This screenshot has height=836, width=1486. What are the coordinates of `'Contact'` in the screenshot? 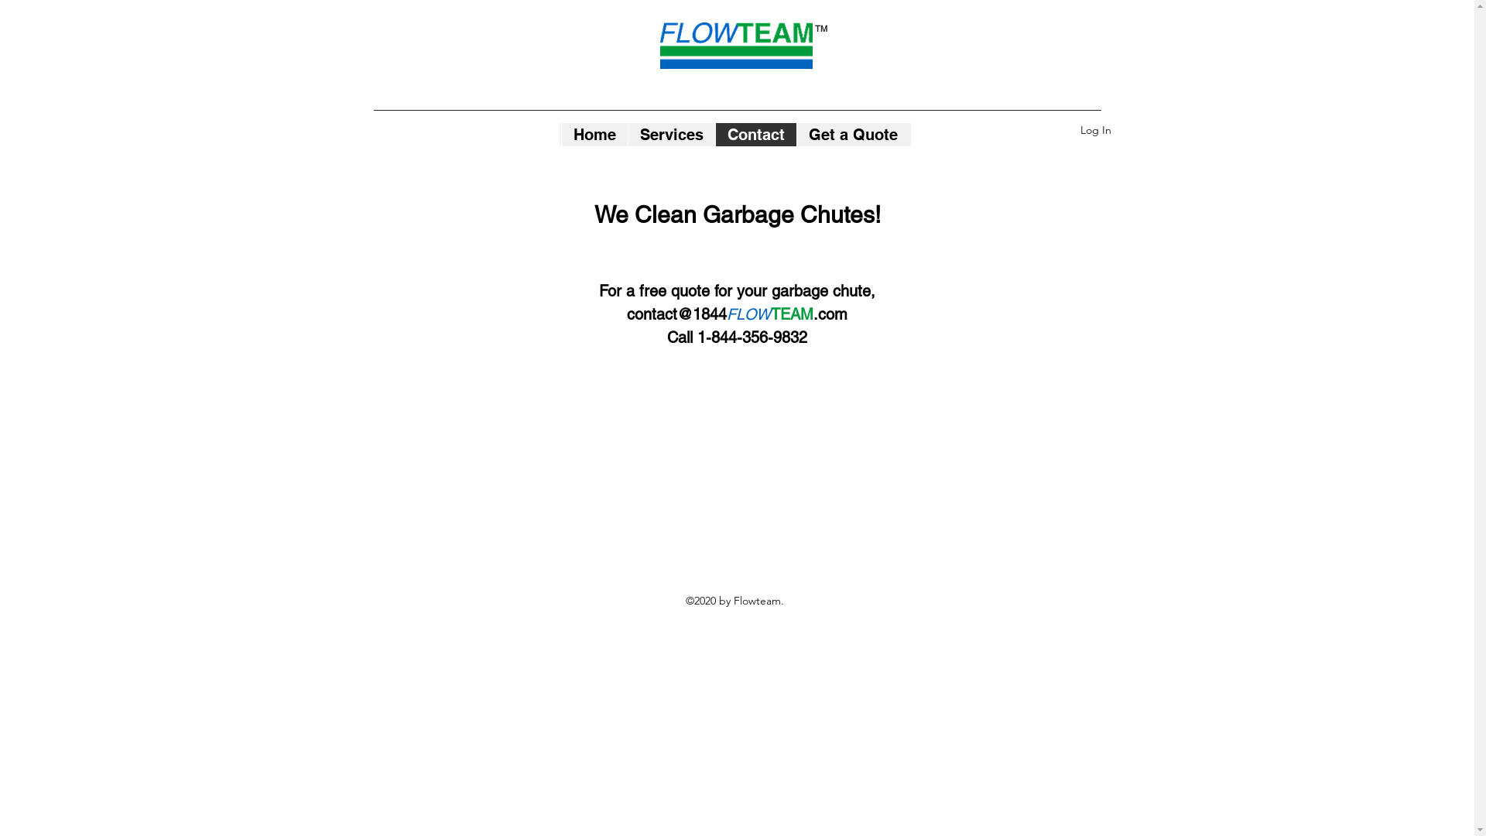 It's located at (755, 133).